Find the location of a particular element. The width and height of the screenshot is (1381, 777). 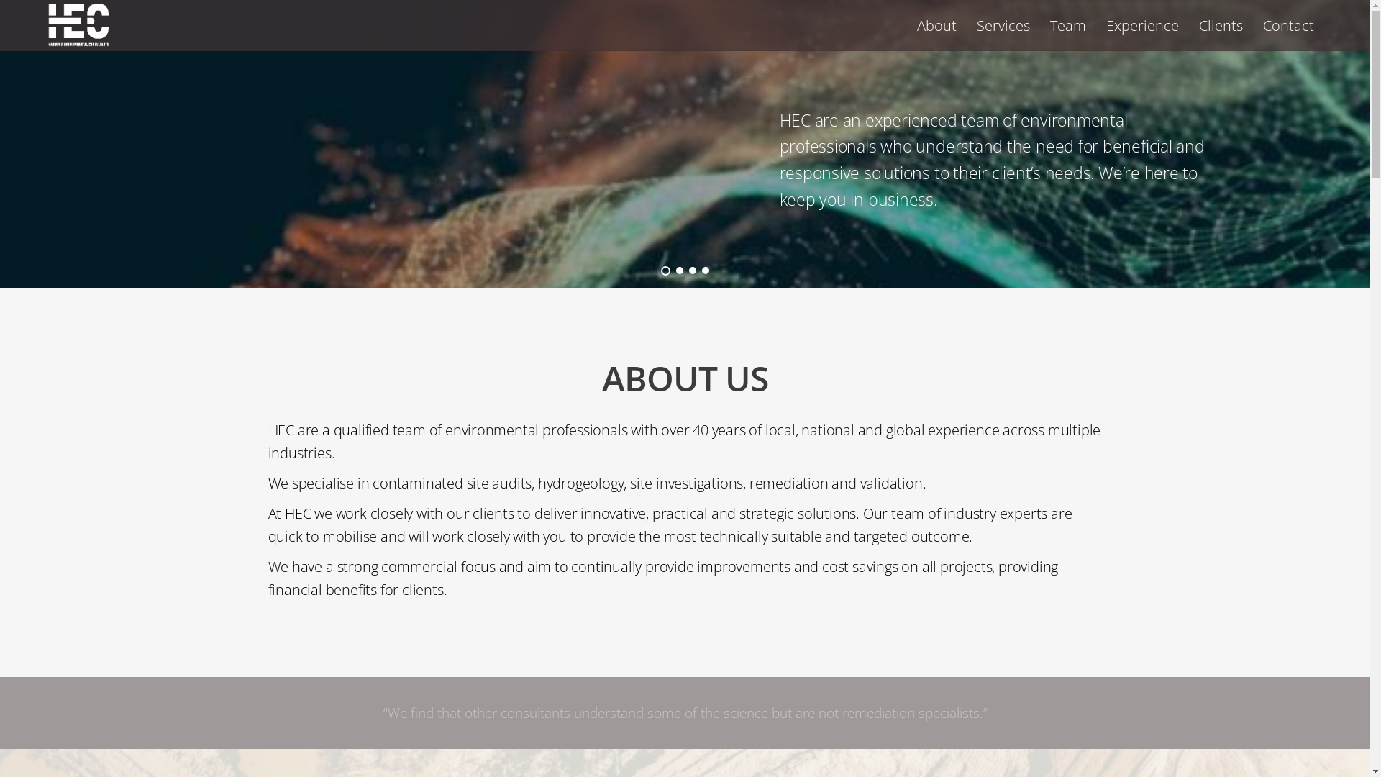

'Clients' is located at coordinates (1220, 25).